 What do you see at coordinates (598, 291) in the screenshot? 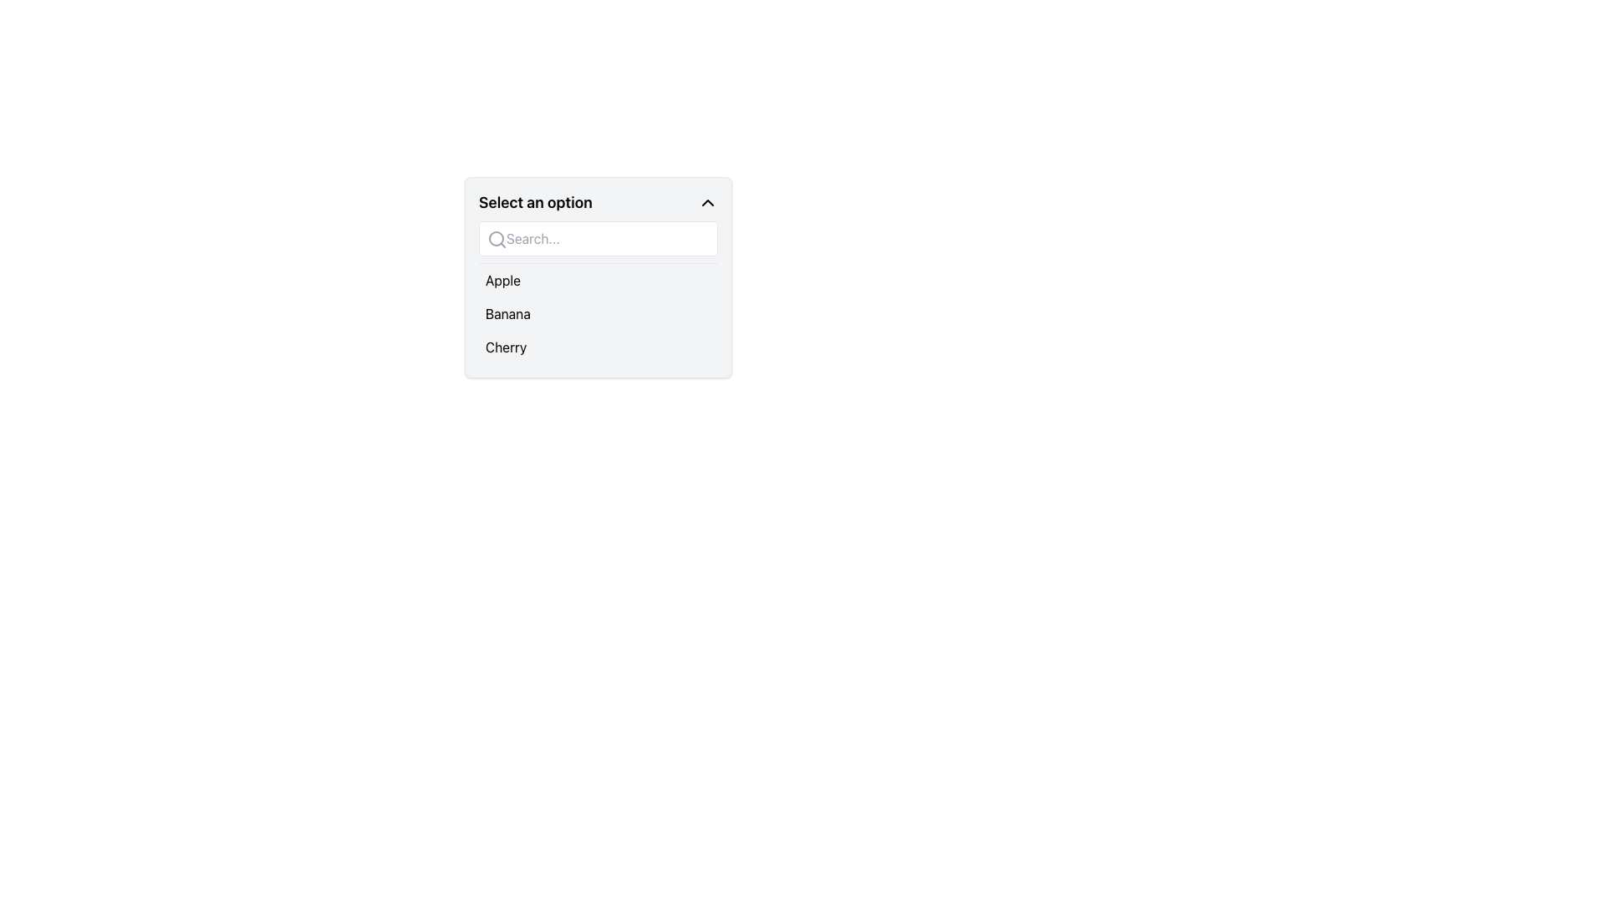
I see `the 'Banana' option in the dropdown menu titled 'Select an option'` at bounding box center [598, 291].